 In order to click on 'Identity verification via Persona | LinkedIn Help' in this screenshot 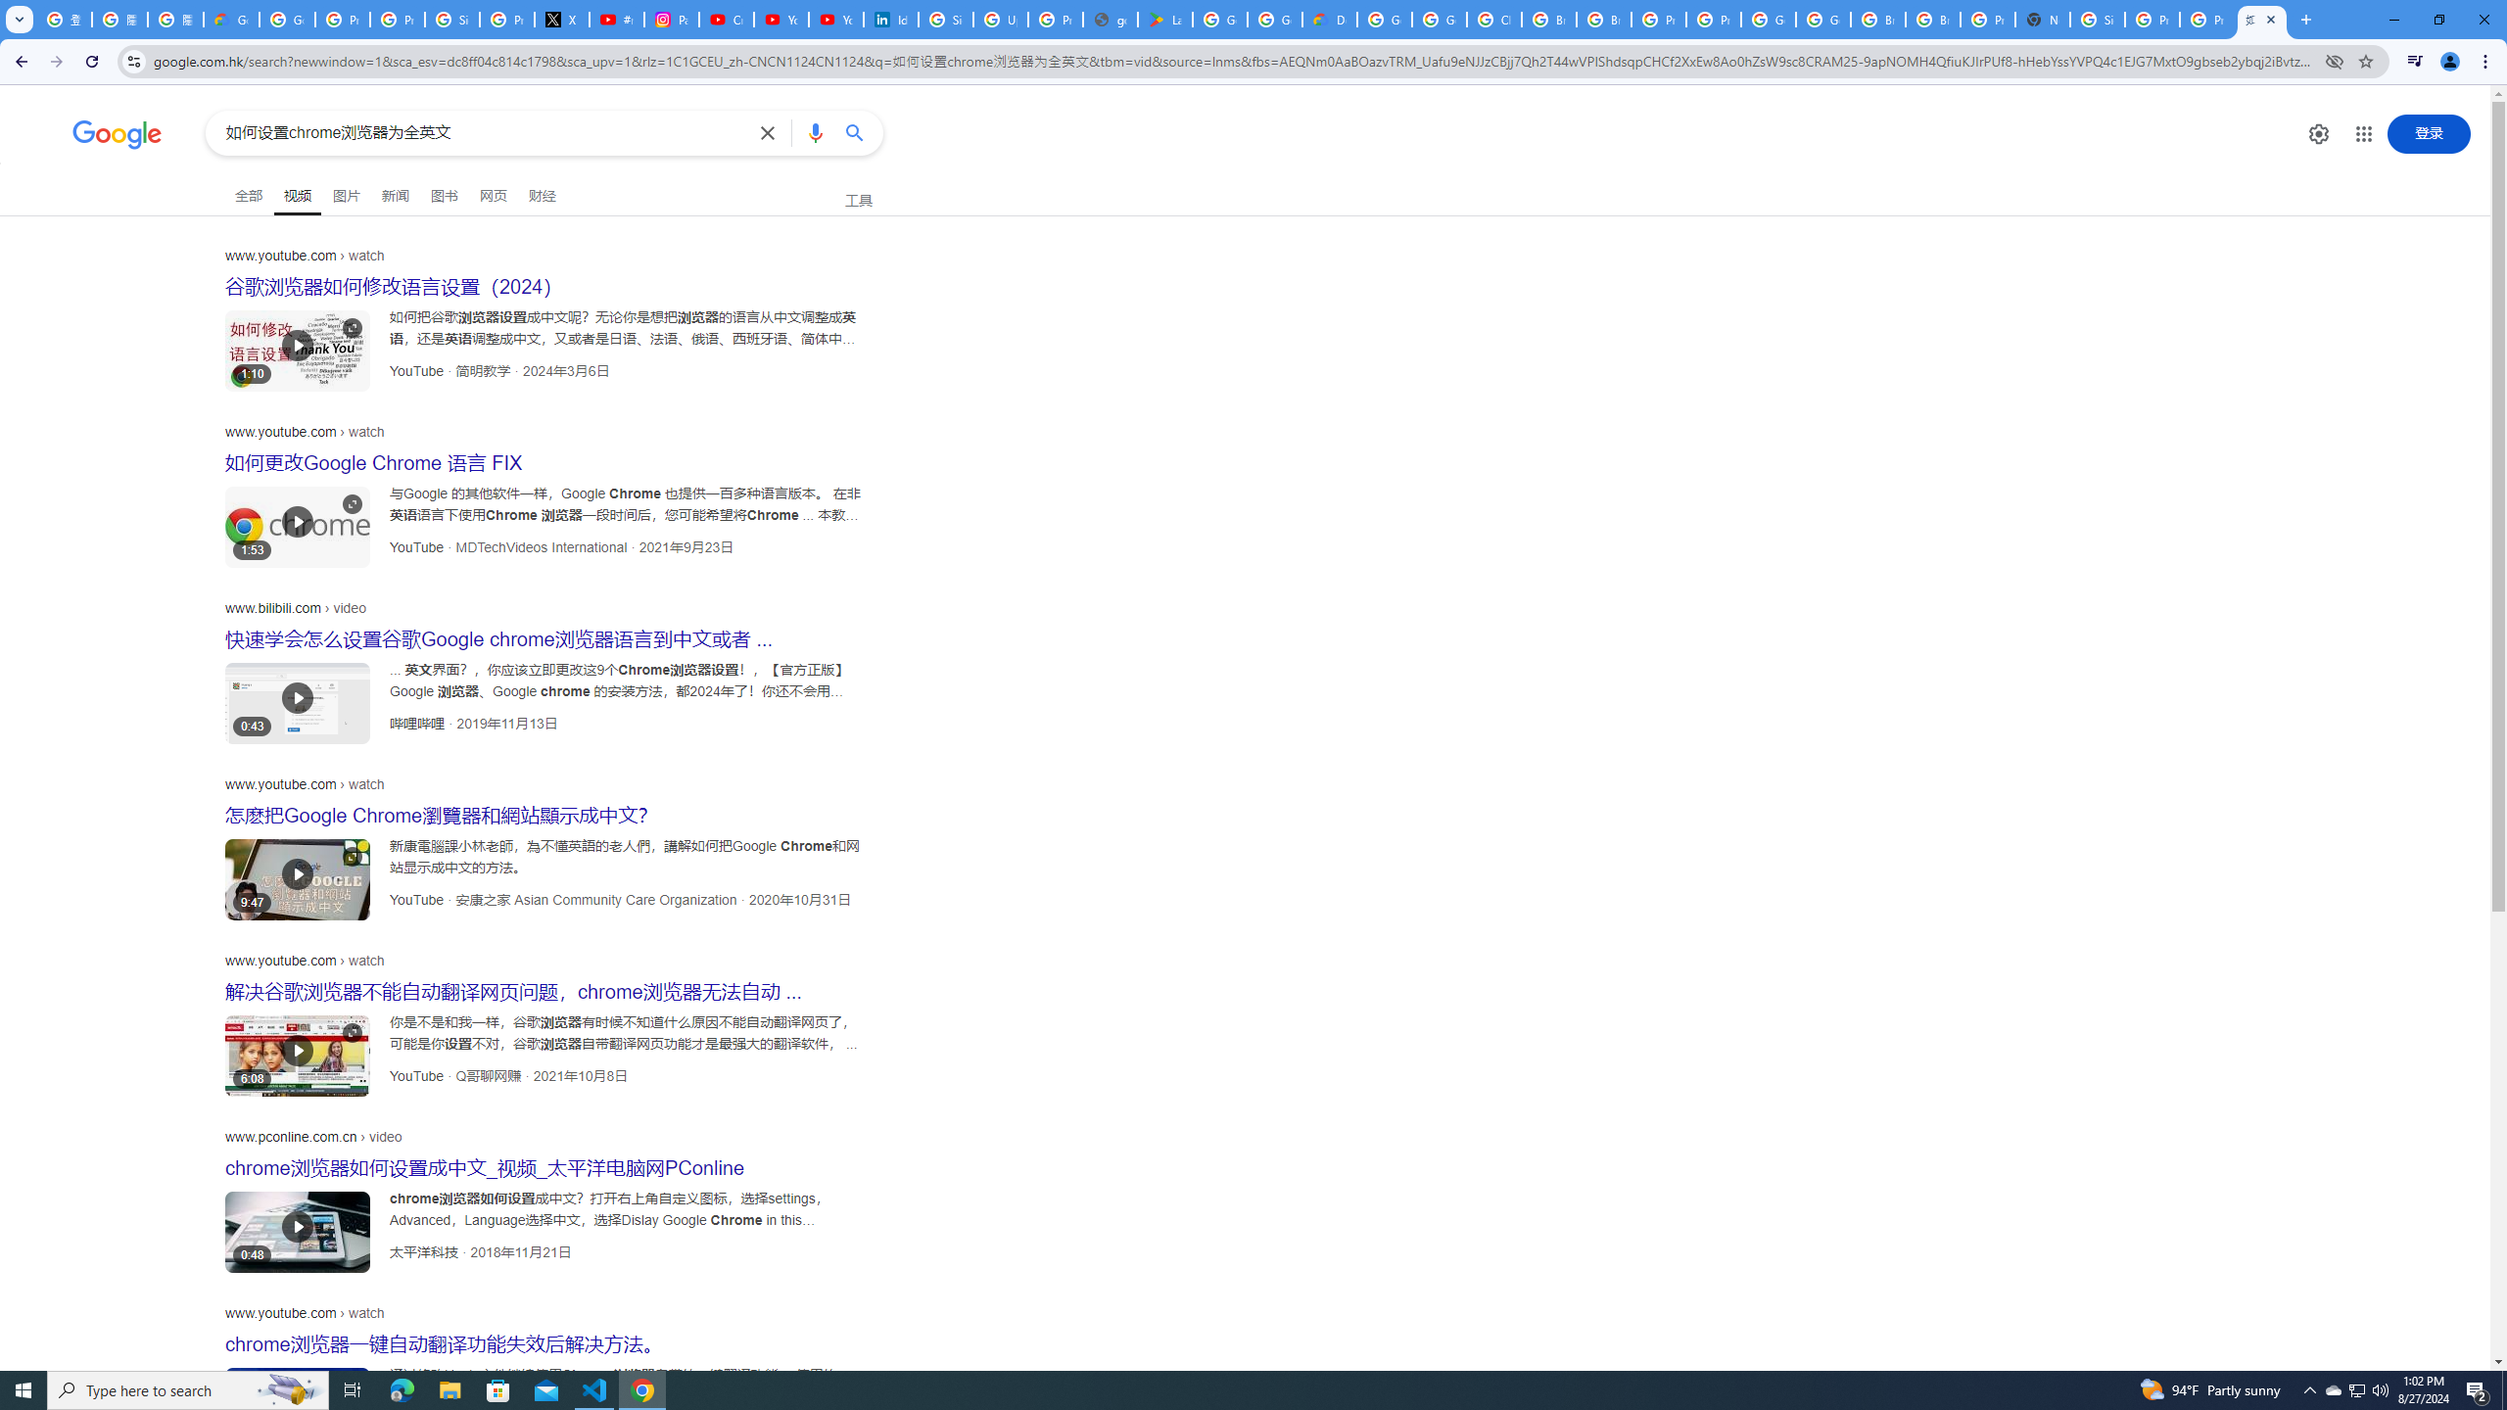, I will do `click(890, 19)`.